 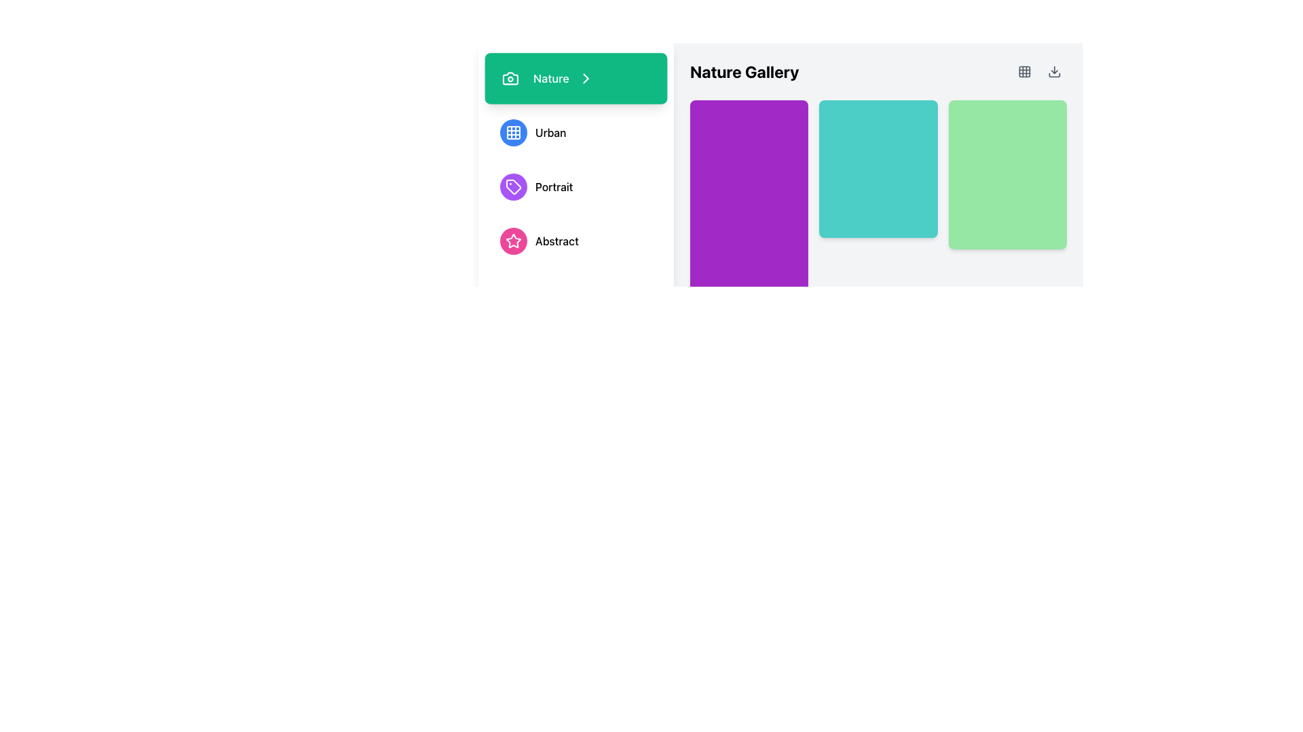 I want to click on the thin, right-pointing Chevron icon located to the right of the green button labeled 'Nature', so click(x=586, y=78).